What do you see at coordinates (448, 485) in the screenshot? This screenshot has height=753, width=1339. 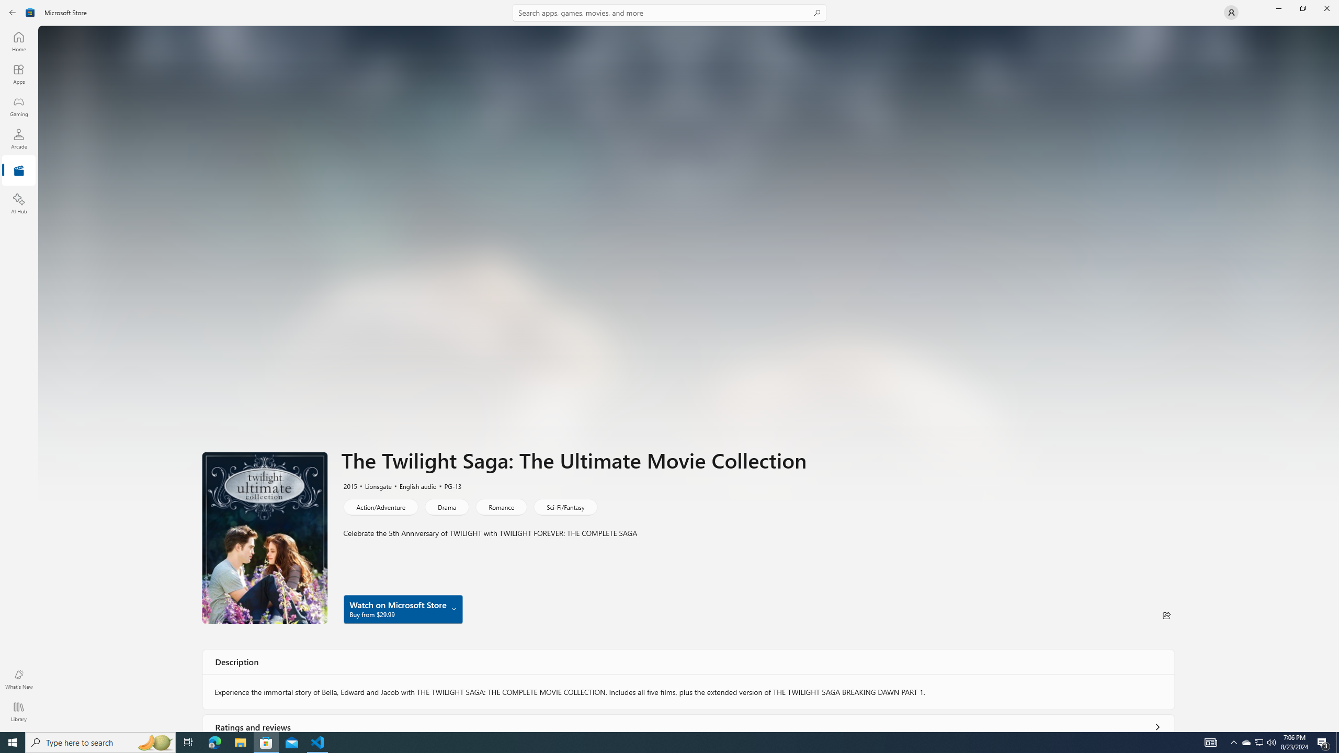 I see `'PG-13'` at bounding box center [448, 485].